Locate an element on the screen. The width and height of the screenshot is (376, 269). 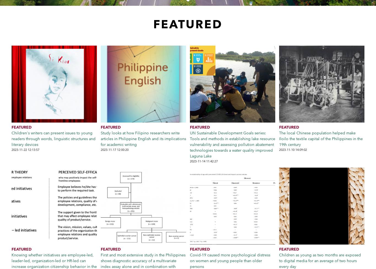
'Study looks at how Filipino researchers write articles in Philippine English and its implications for academic writing' is located at coordinates (143, 138).